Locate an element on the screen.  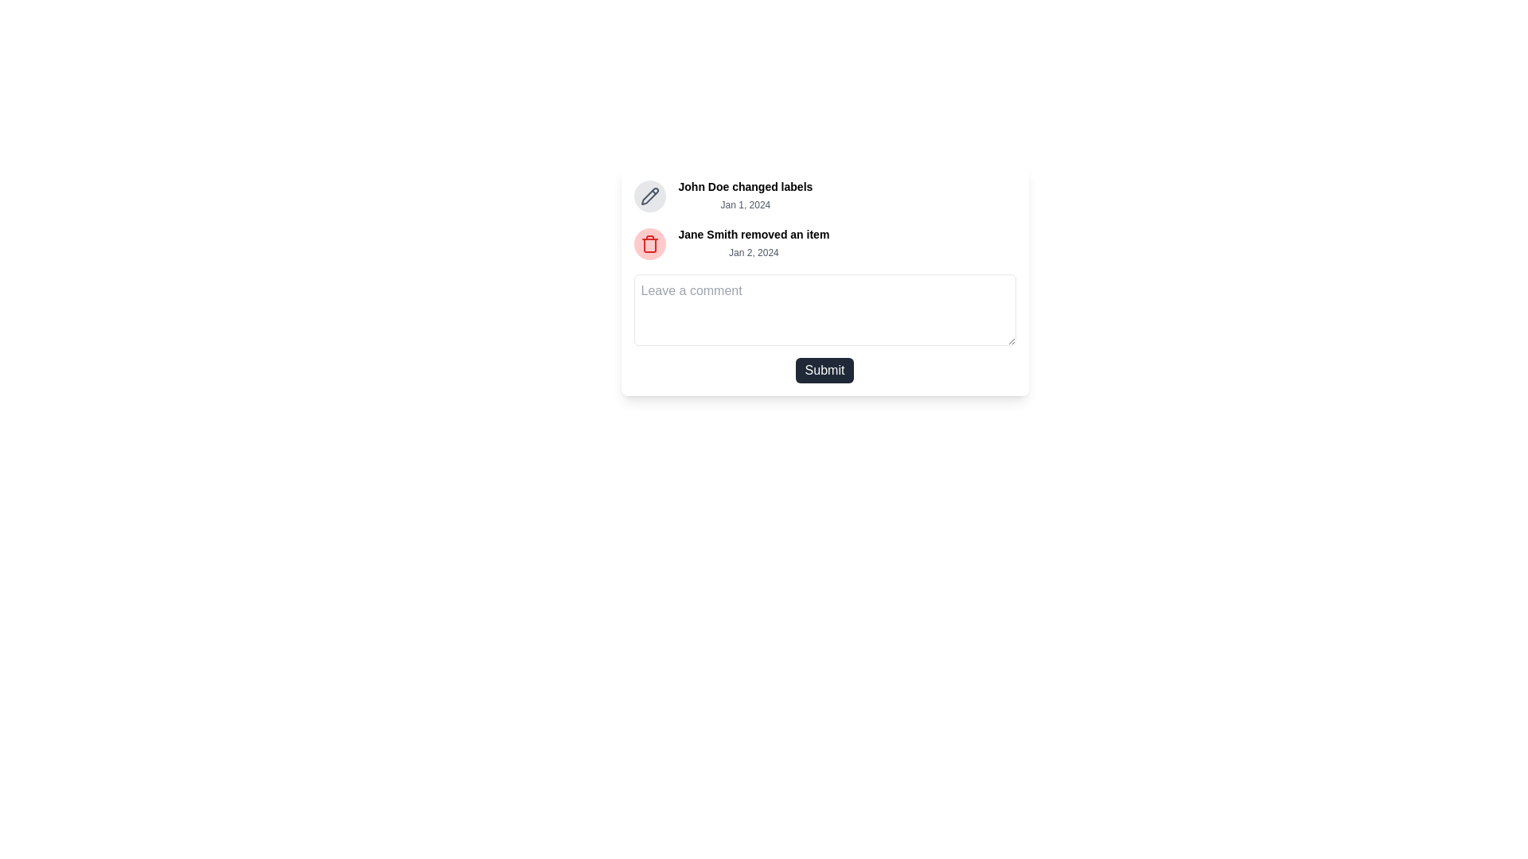
the text block displaying the activity log entry for item removal by Jane Smith, which is positioned below the 'John Doe changed labels' entry is located at coordinates (753, 244).